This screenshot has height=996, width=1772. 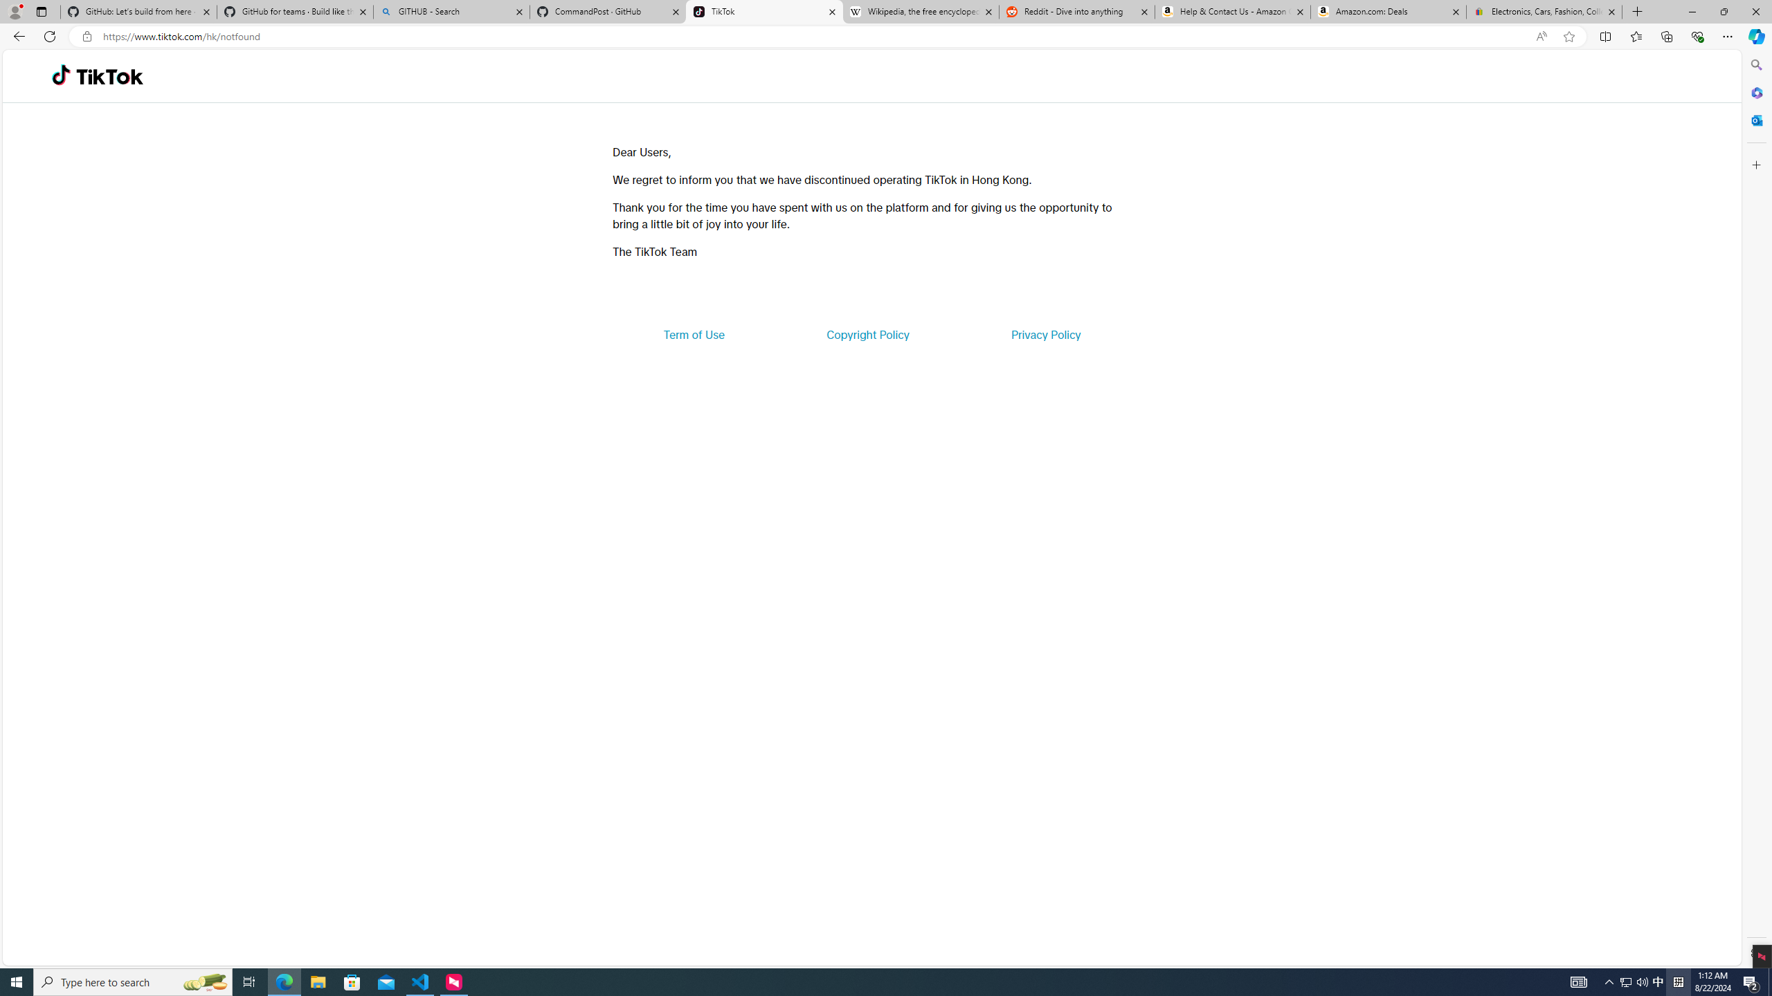 What do you see at coordinates (1077, 11) in the screenshot?
I see `'Reddit - Dive into anything'` at bounding box center [1077, 11].